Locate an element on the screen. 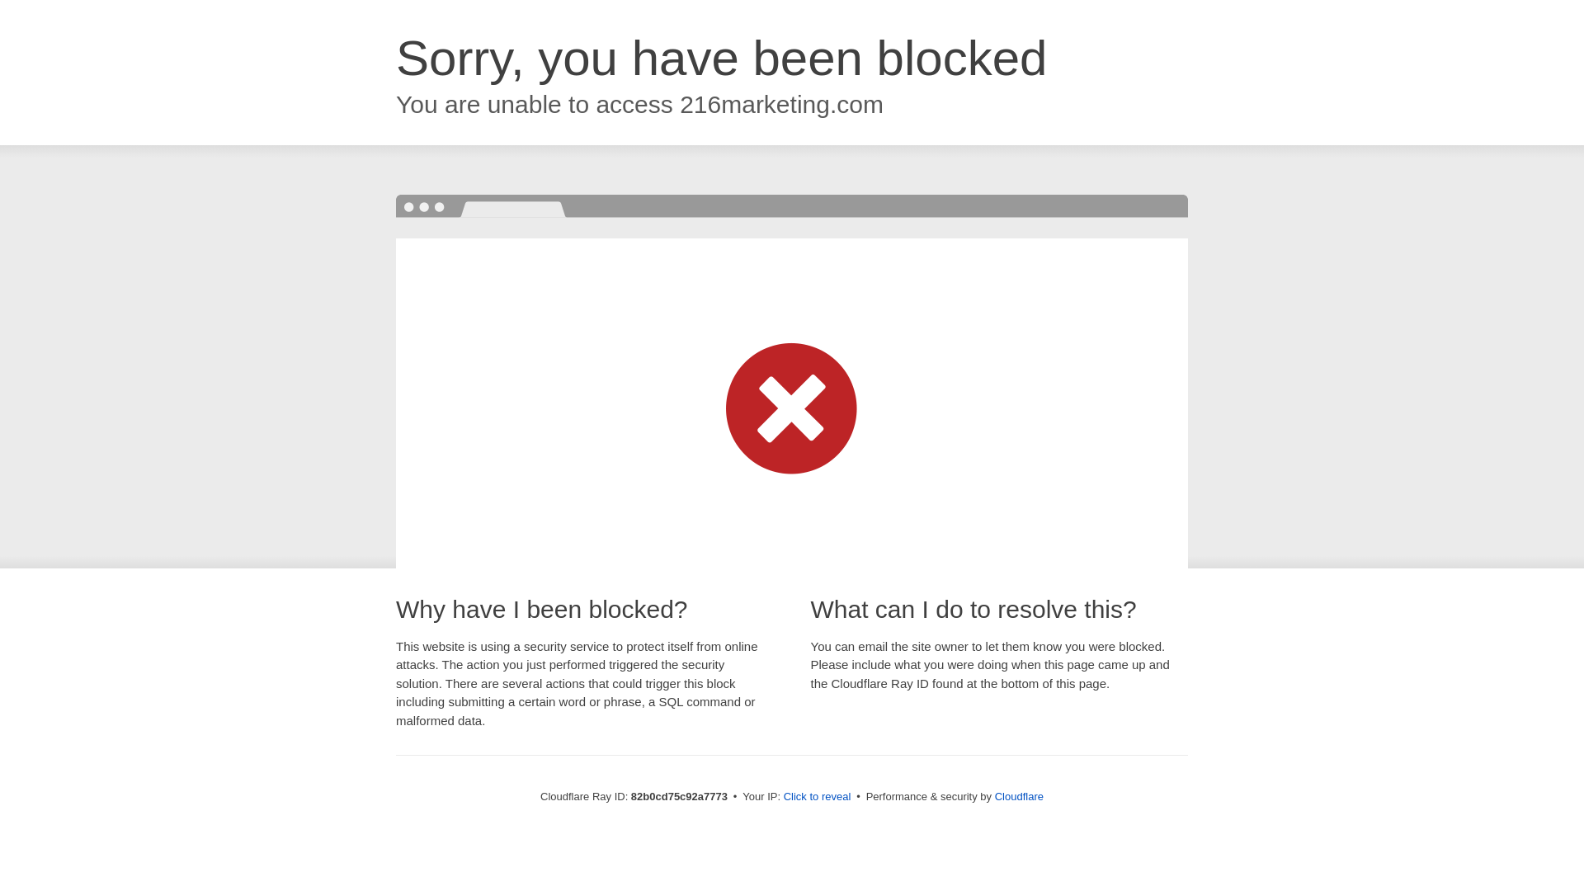  'Click to reveal' is located at coordinates (817, 795).